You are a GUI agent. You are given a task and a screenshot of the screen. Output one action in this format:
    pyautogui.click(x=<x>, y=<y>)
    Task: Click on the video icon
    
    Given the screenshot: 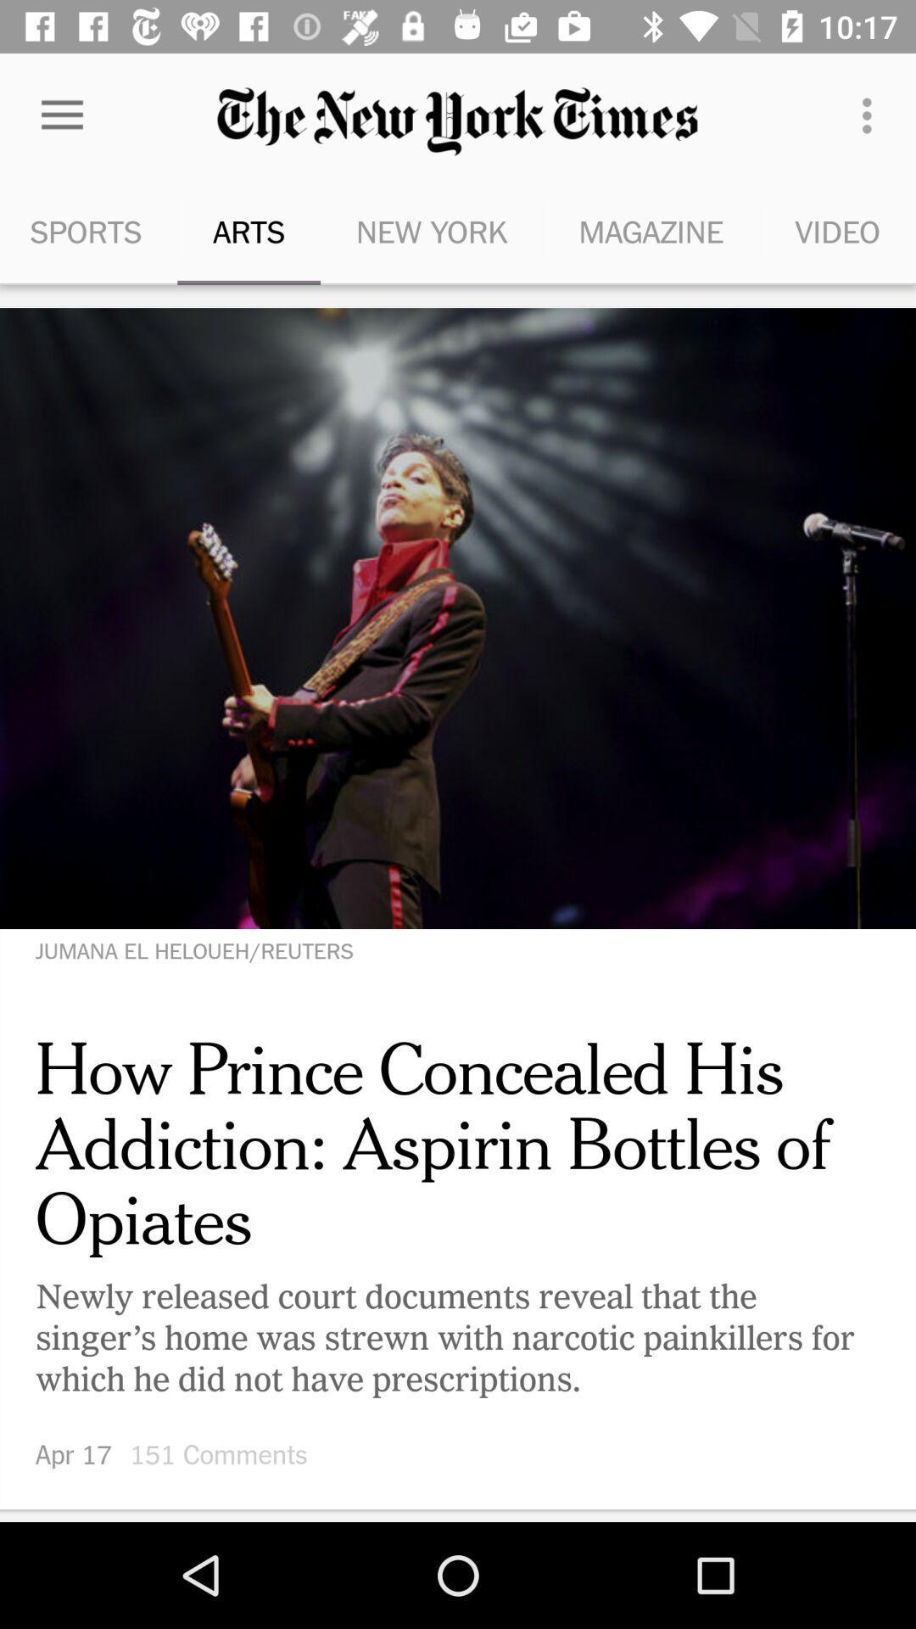 What is the action you would take?
    pyautogui.click(x=836, y=231)
    